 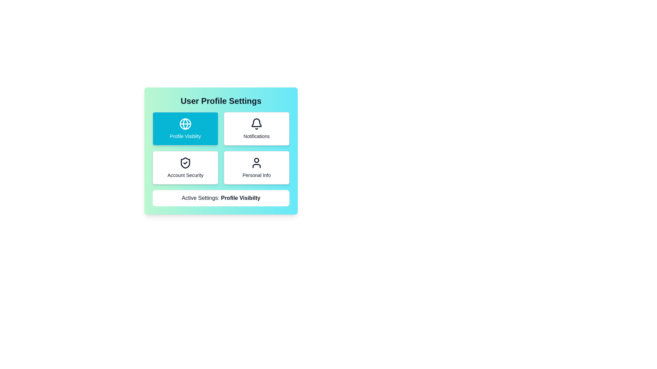 What do you see at coordinates (185, 129) in the screenshot?
I see `the button corresponding to Profile Visibility` at bounding box center [185, 129].